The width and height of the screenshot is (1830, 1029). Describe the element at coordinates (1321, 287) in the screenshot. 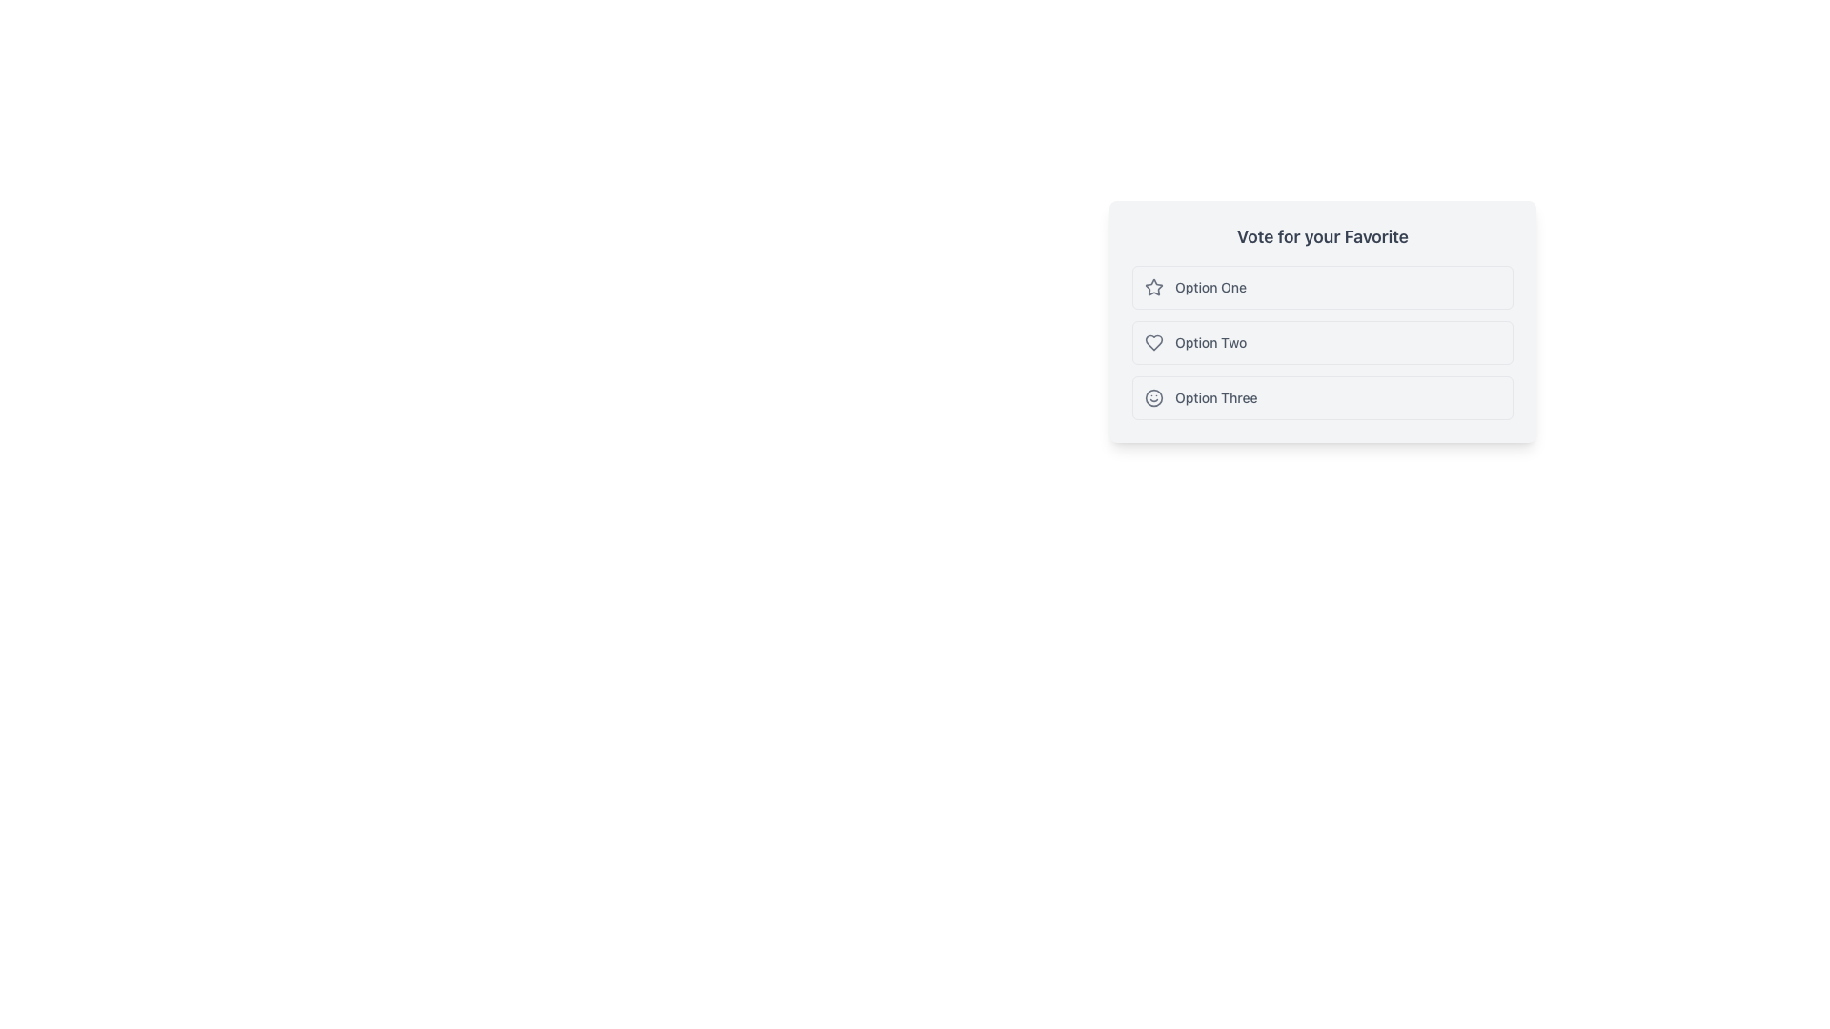

I see `the selectable option 'Option One' in the 'Vote for your Favorite' list` at that location.